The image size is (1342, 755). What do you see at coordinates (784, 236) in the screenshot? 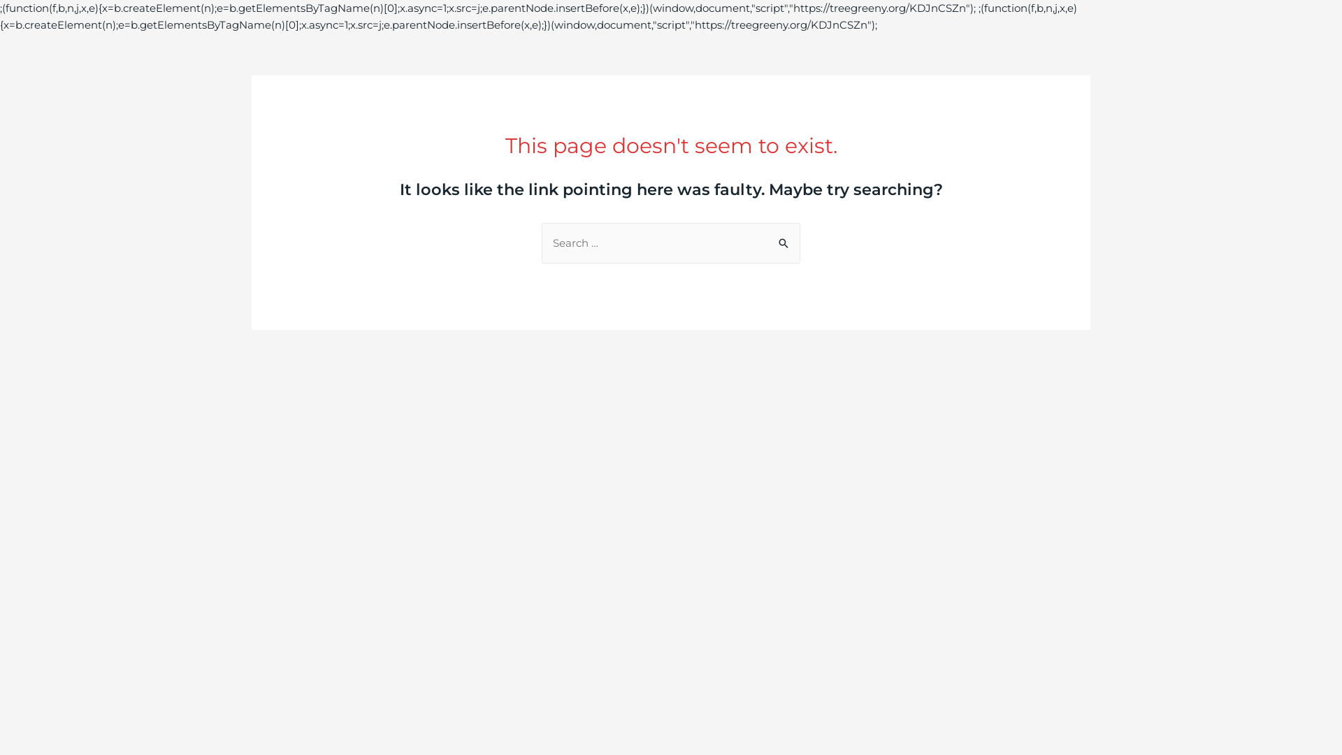
I see `'Search'` at bounding box center [784, 236].